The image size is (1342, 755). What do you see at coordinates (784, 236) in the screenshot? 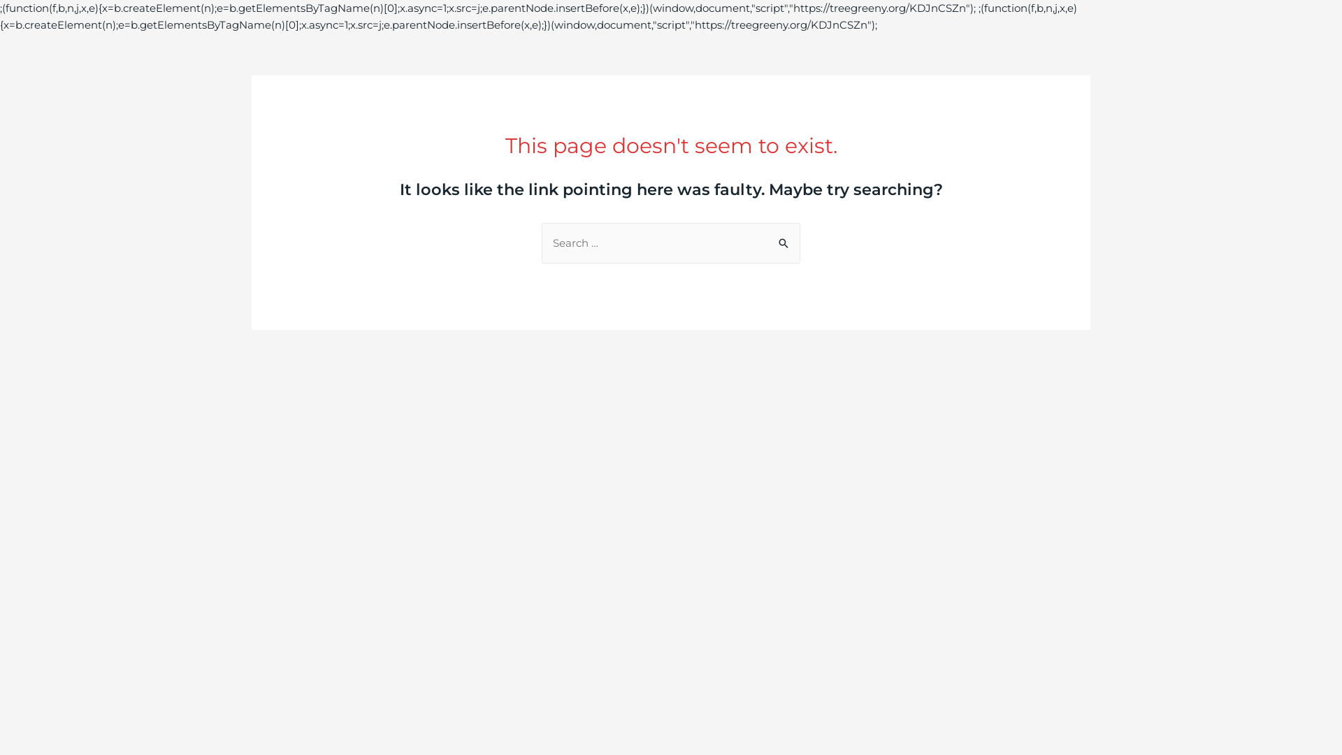
I see `'Search'` at bounding box center [784, 236].